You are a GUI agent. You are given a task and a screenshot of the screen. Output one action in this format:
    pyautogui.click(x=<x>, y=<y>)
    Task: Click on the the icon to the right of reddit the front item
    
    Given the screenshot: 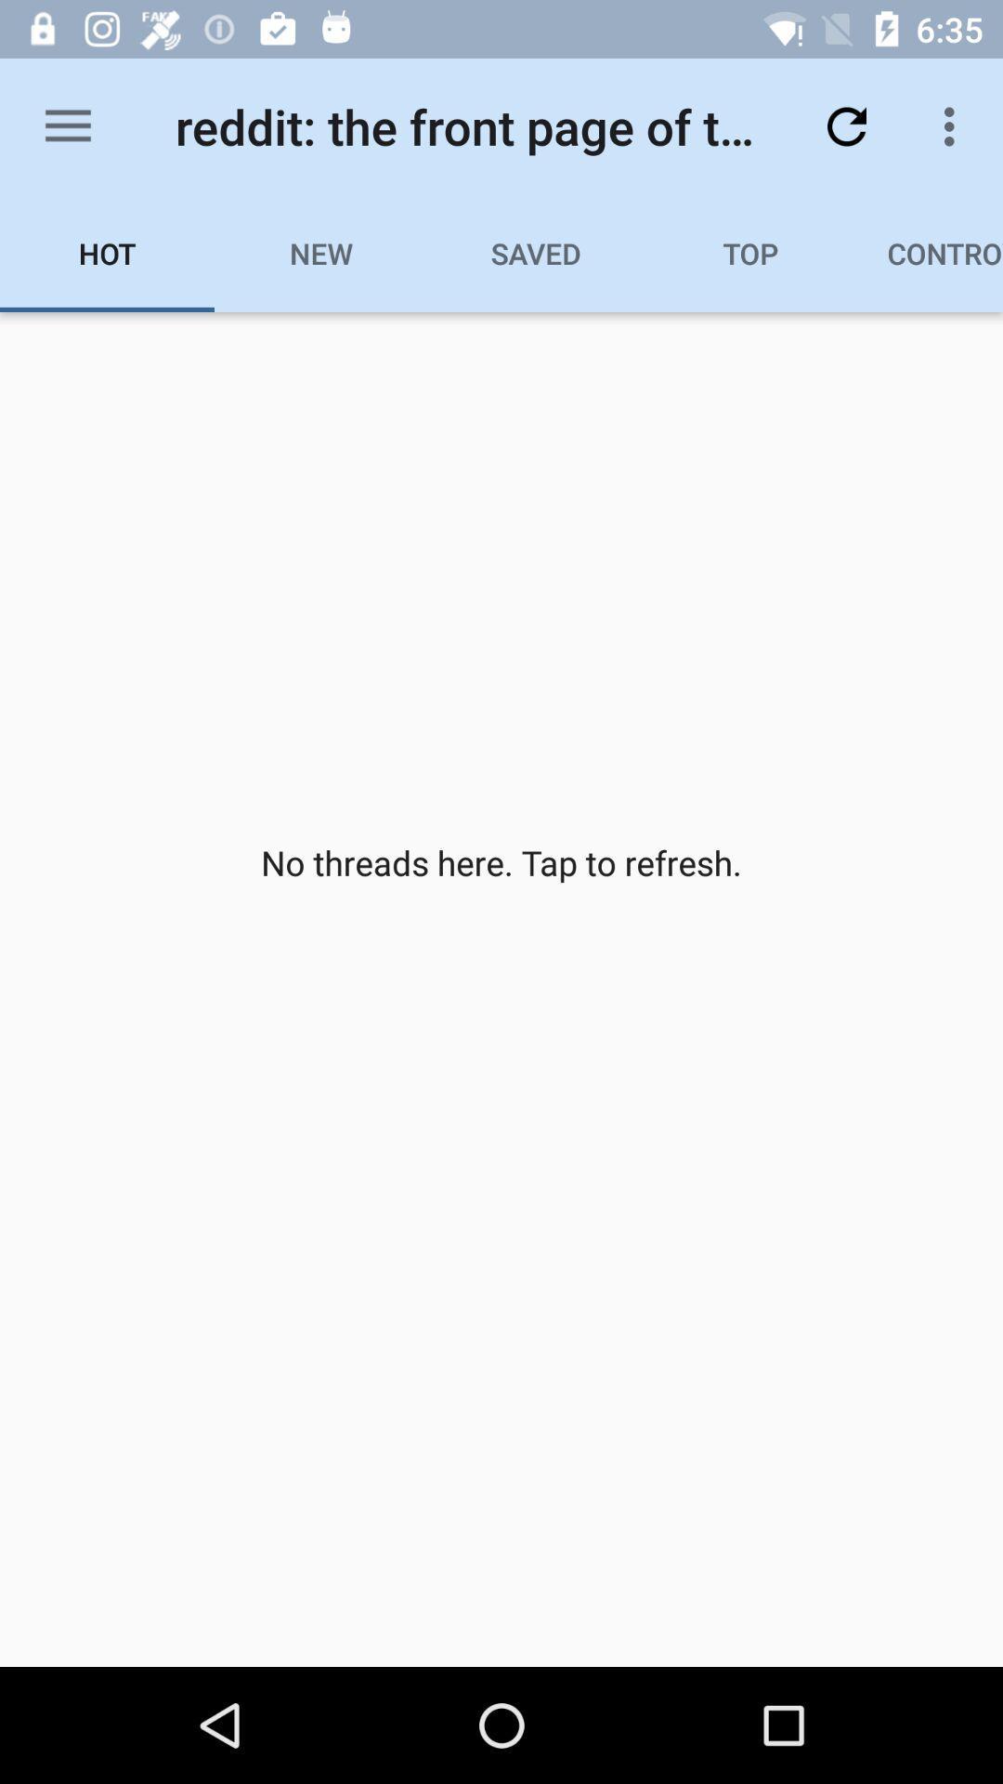 What is the action you would take?
    pyautogui.click(x=846, y=125)
    